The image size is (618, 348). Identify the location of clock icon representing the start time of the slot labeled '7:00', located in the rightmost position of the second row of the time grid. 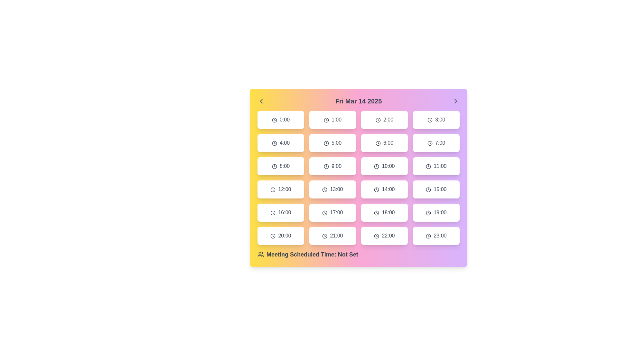
(430, 143).